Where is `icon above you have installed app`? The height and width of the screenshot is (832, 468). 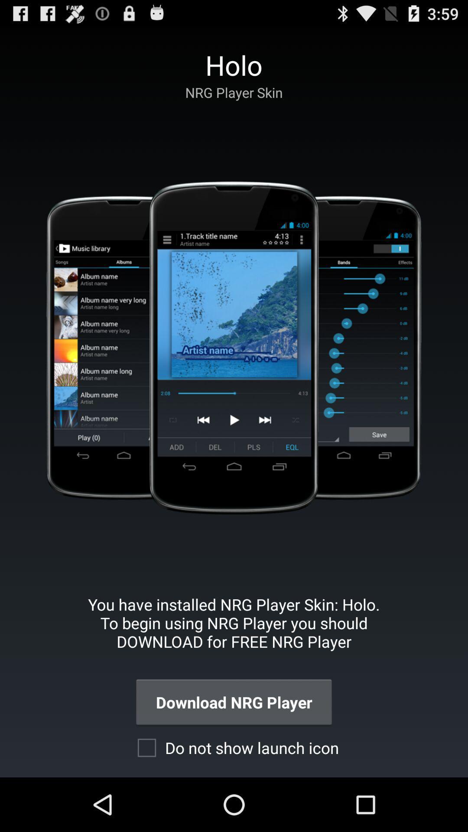
icon above you have installed app is located at coordinates (233, 348).